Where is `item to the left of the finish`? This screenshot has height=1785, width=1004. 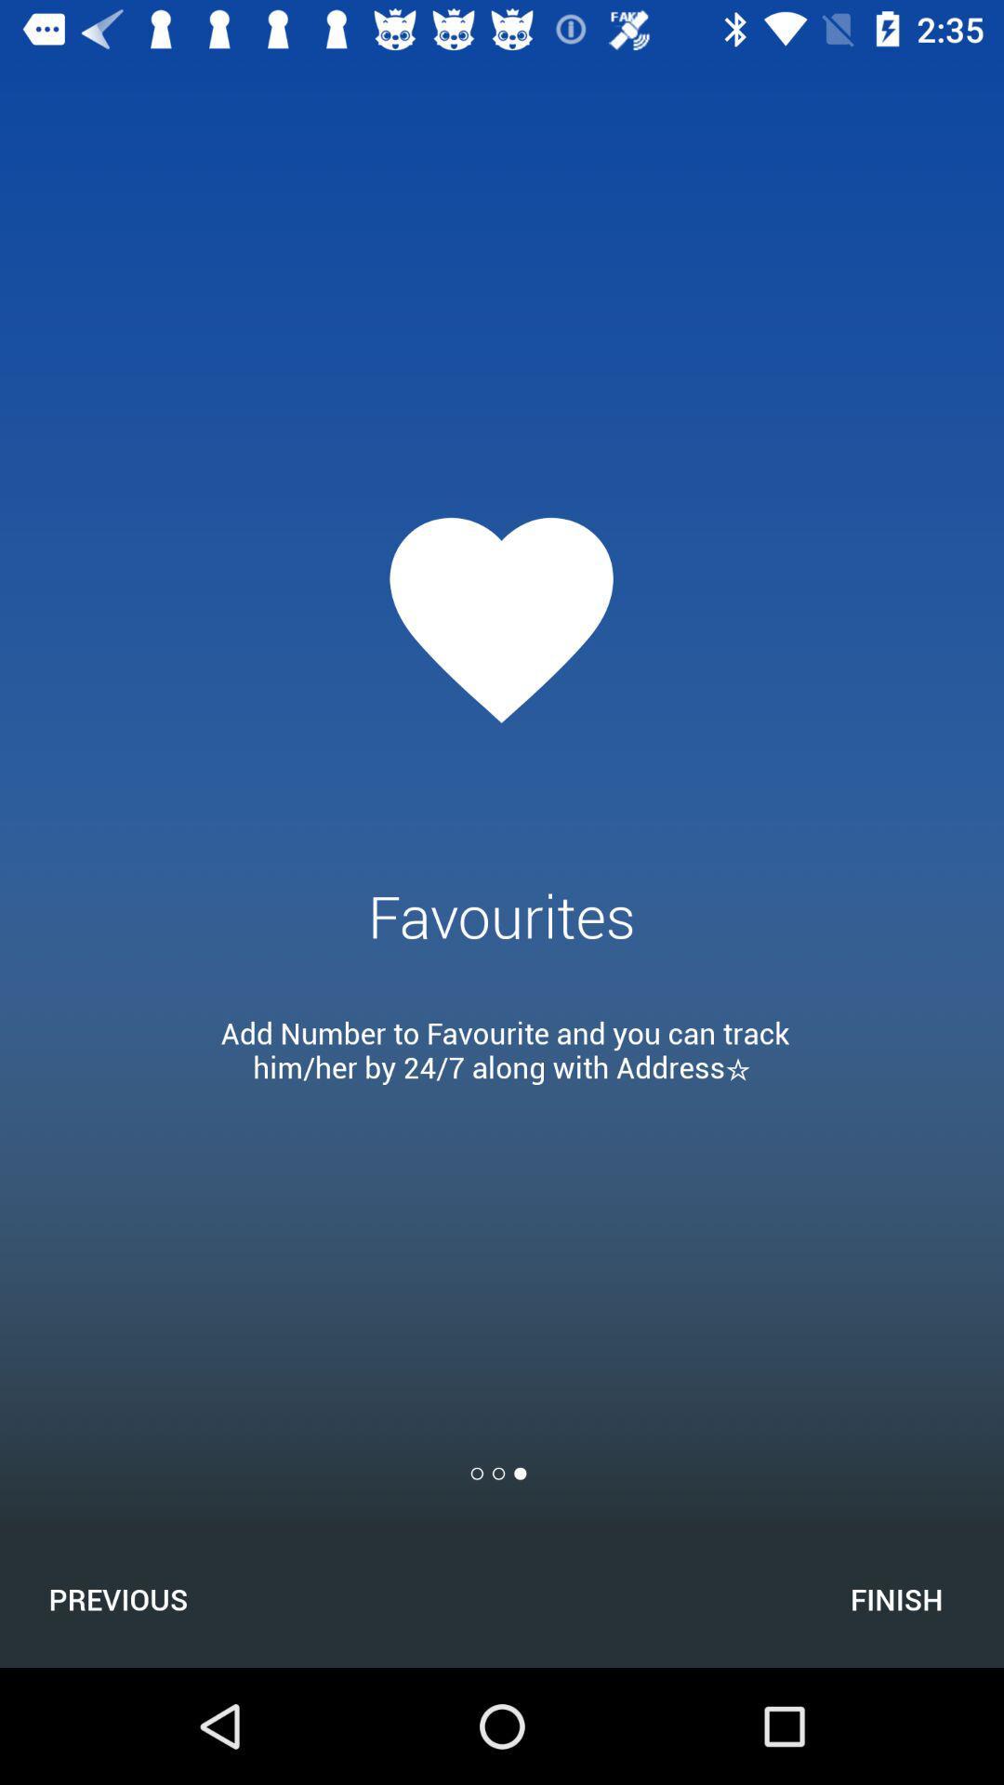
item to the left of the finish is located at coordinates (118, 1598).